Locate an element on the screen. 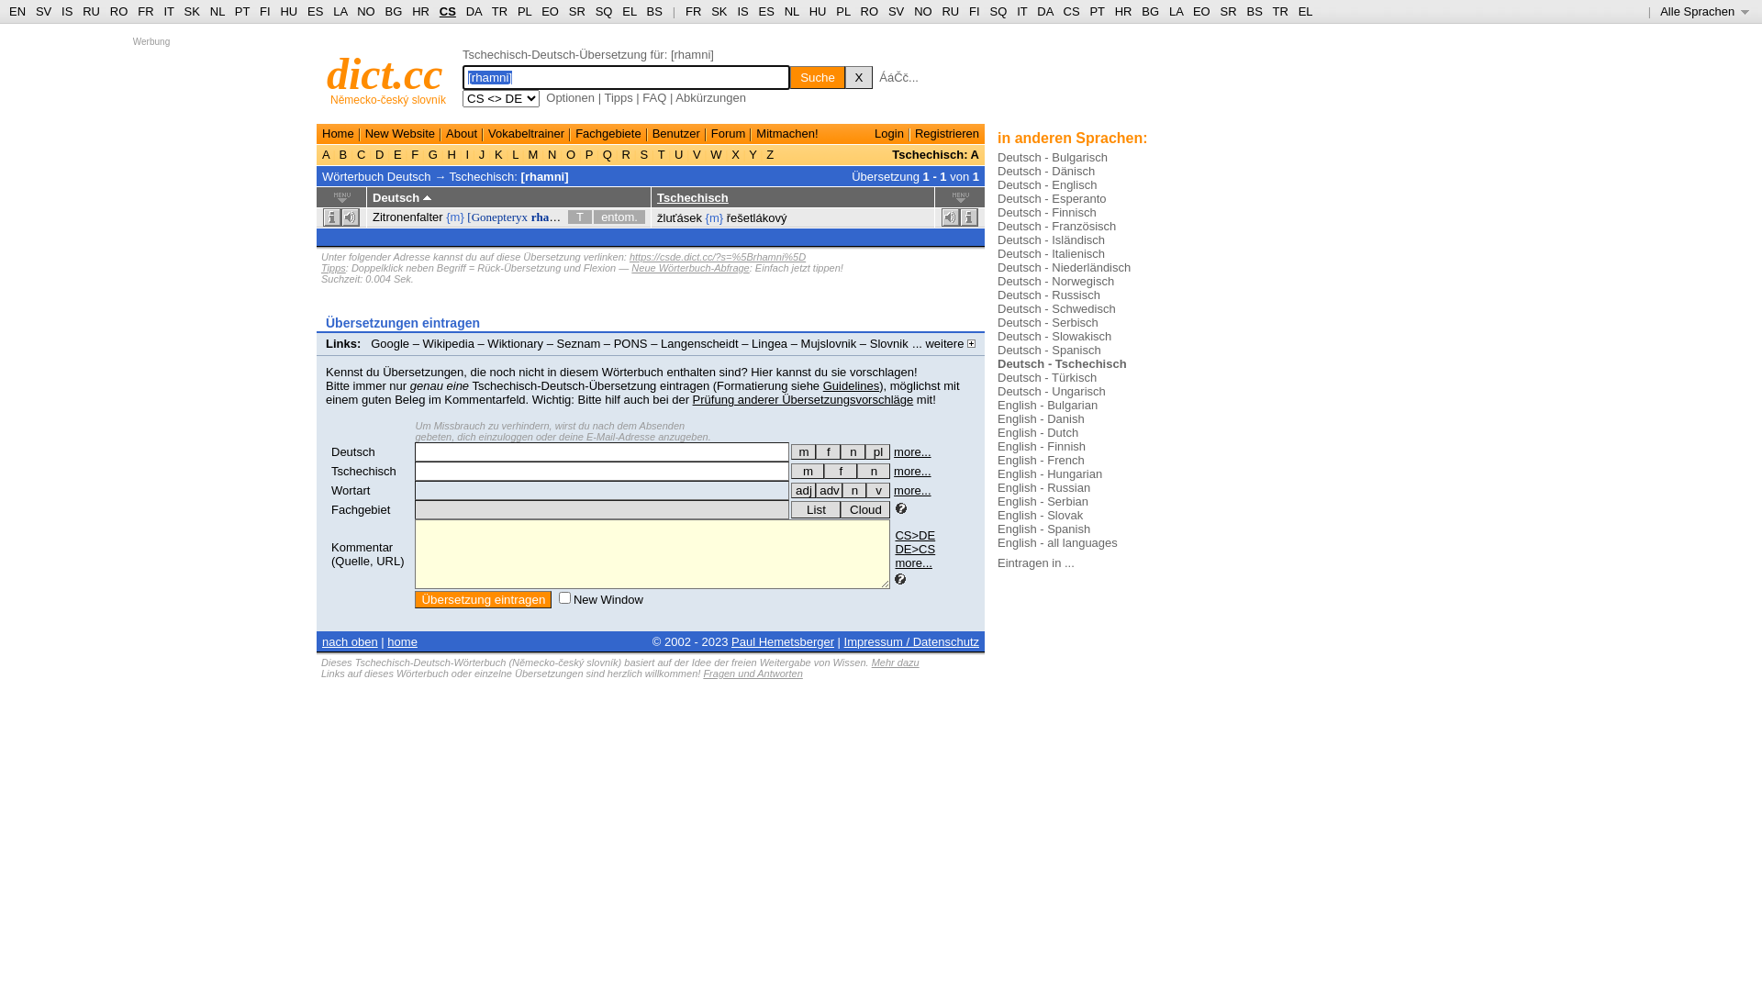 Image resolution: width=1762 pixels, height=991 pixels. 'Mitmachen!' is located at coordinates (786, 132).